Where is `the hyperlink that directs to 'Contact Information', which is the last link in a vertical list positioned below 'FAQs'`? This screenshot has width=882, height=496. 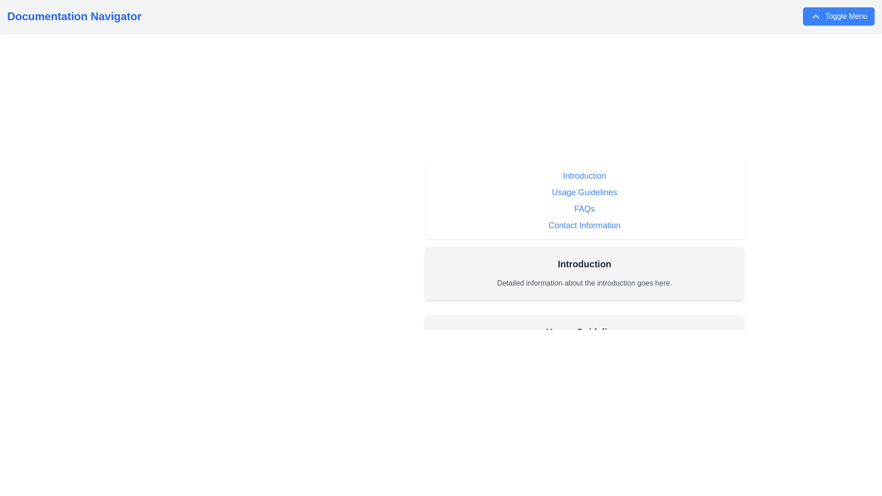 the hyperlink that directs to 'Contact Information', which is the last link in a vertical list positioned below 'FAQs' is located at coordinates (584, 225).